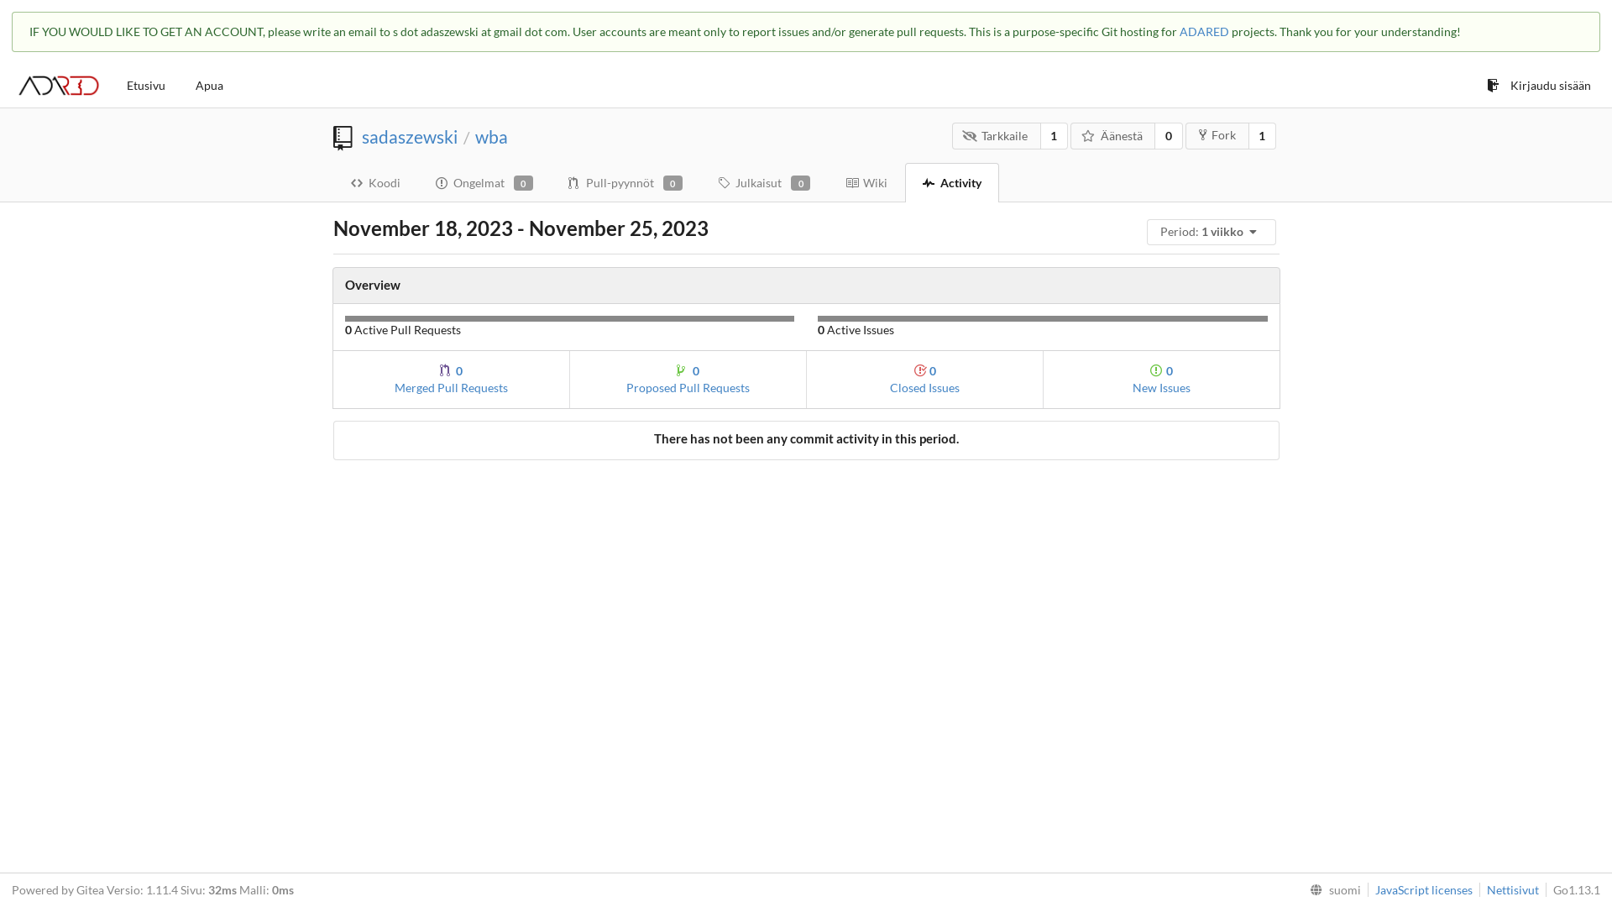  Describe the element at coordinates (1419, 889) in the screenshot. I see `'JavaScript licenses'` at that location.